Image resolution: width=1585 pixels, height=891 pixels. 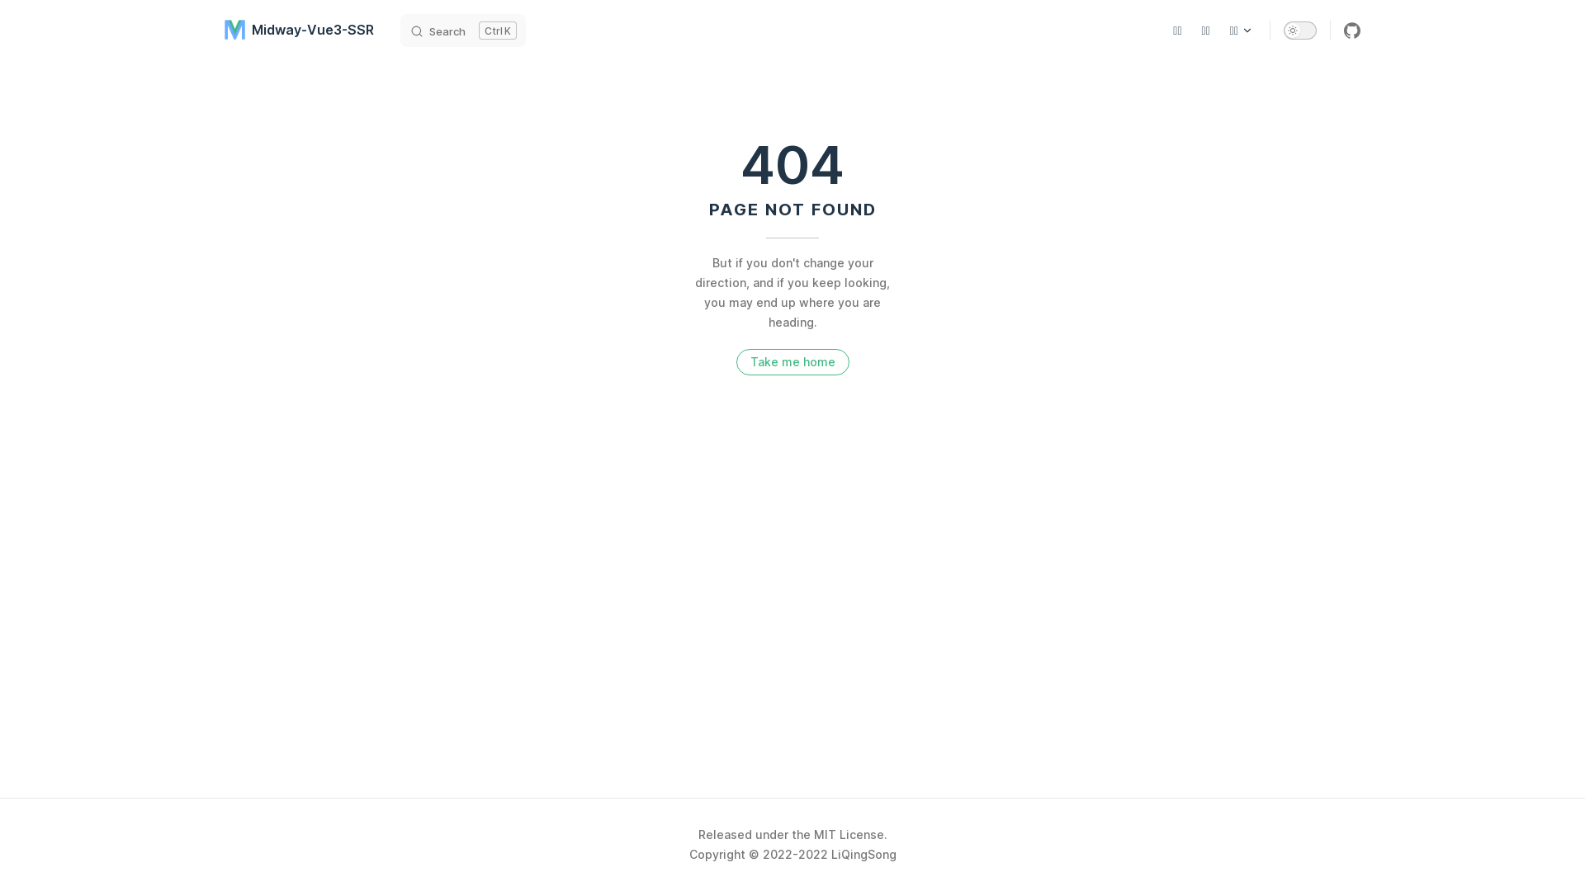 I want to click on 'Take me home', so click(x=792, y=361).